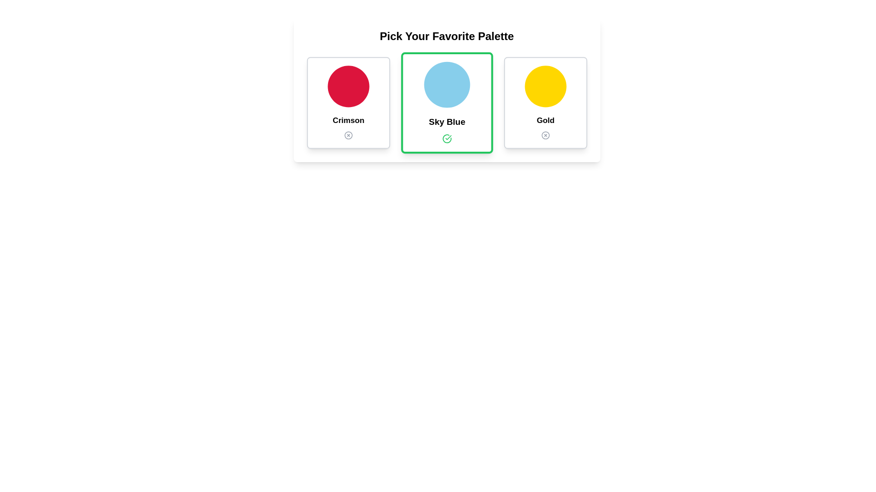 The width and height of the screenshot is (876, 492). Describe the element at coordinates (447, 102) in the screenshot. I see `the palette Sky Blue` at that location.